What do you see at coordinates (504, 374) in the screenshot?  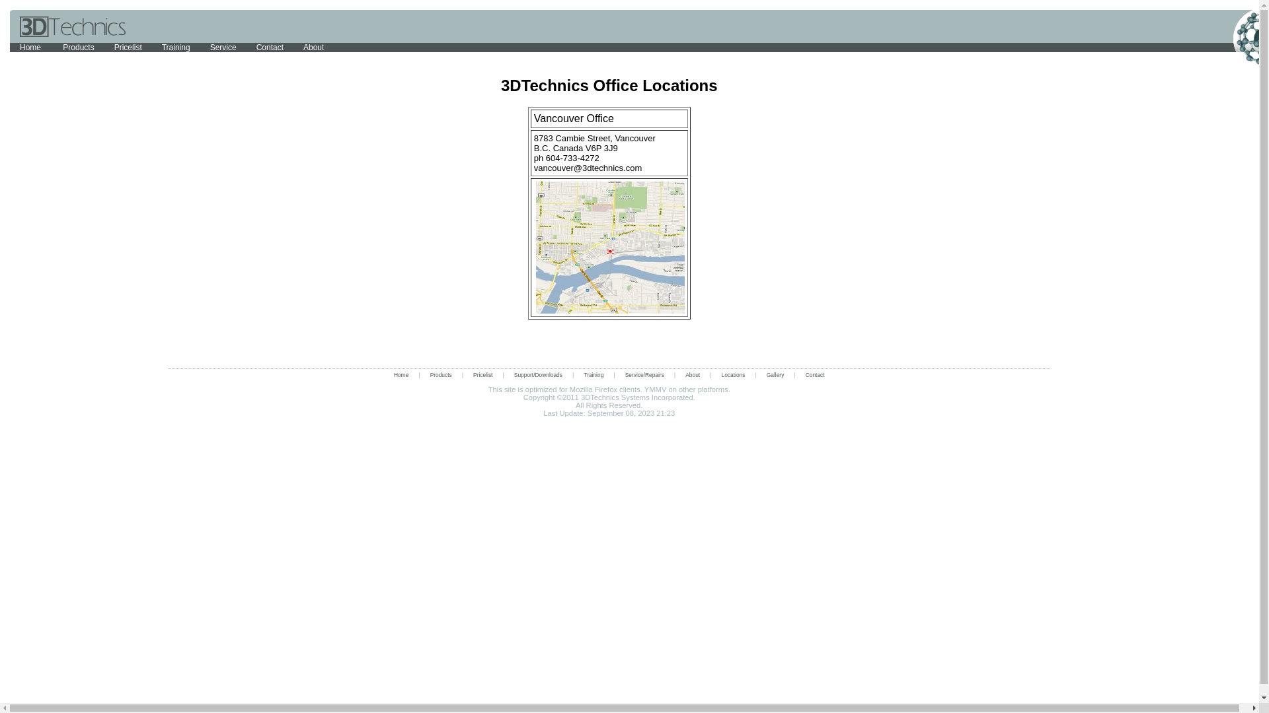 I see `'Support/Downloads'` at bounding box center [504, 374].